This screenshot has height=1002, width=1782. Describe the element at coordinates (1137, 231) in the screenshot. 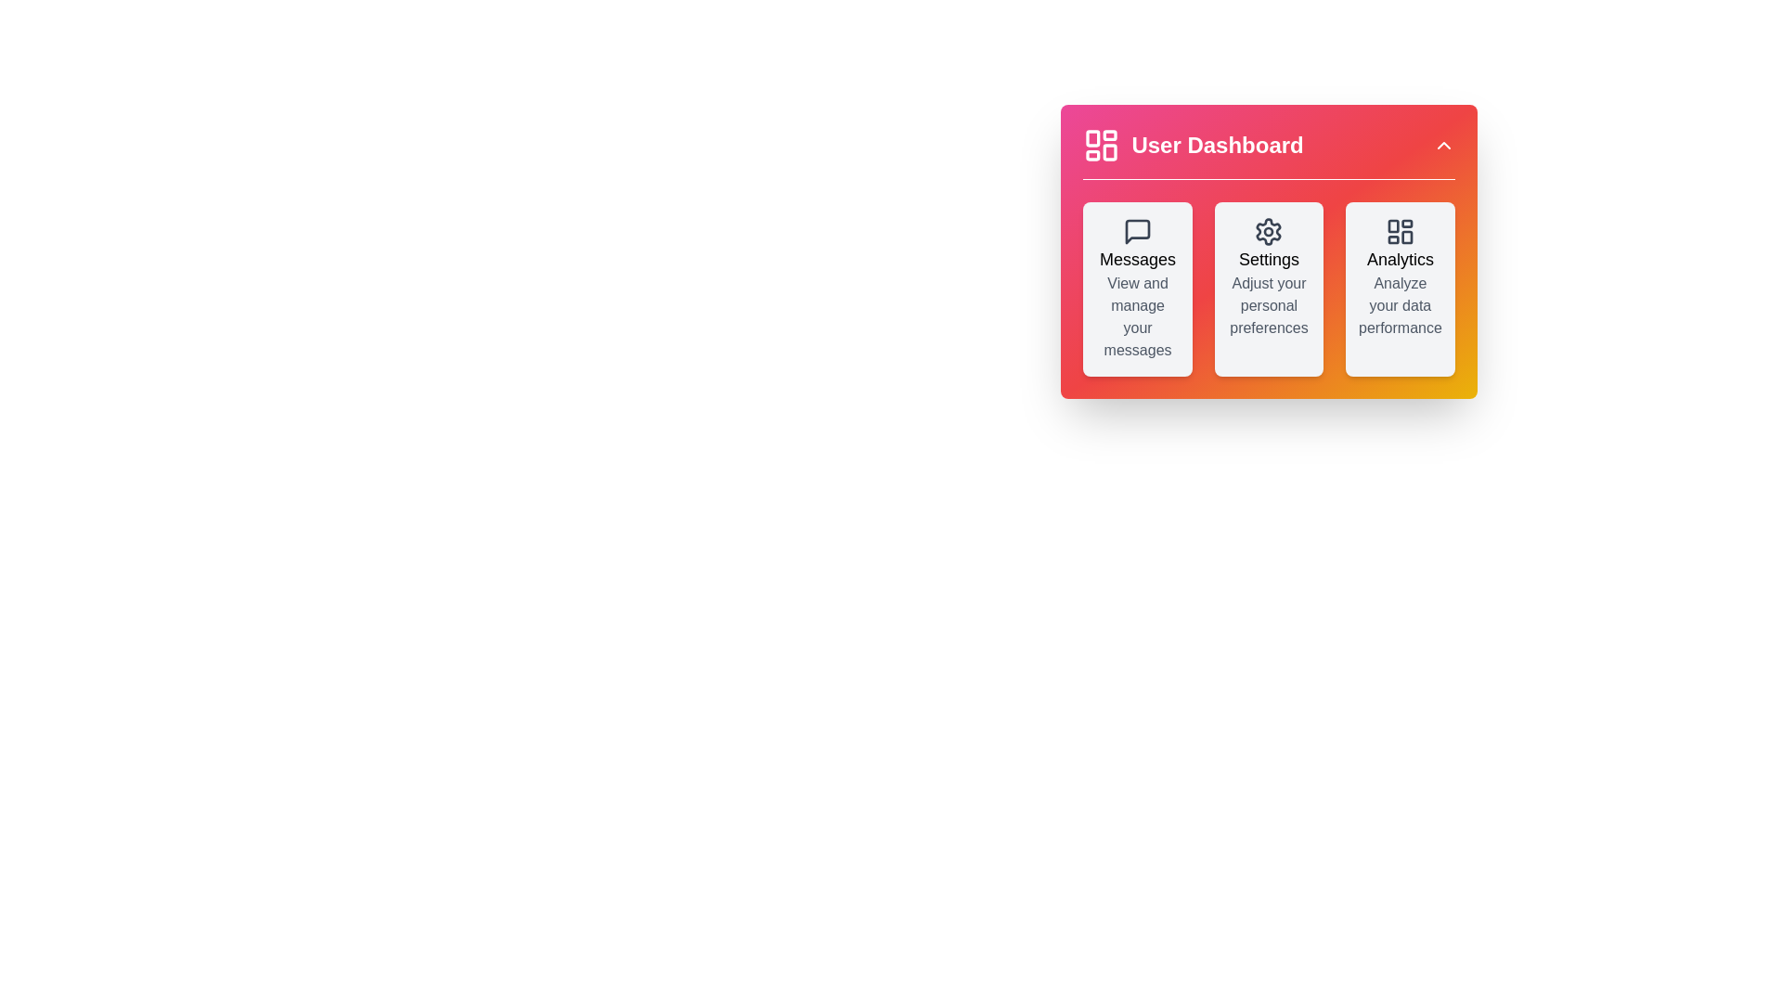

I see `the small speech bubble icon representing messages at the top of the 'Messages' card in the 'User Dashboard' section` at that location.